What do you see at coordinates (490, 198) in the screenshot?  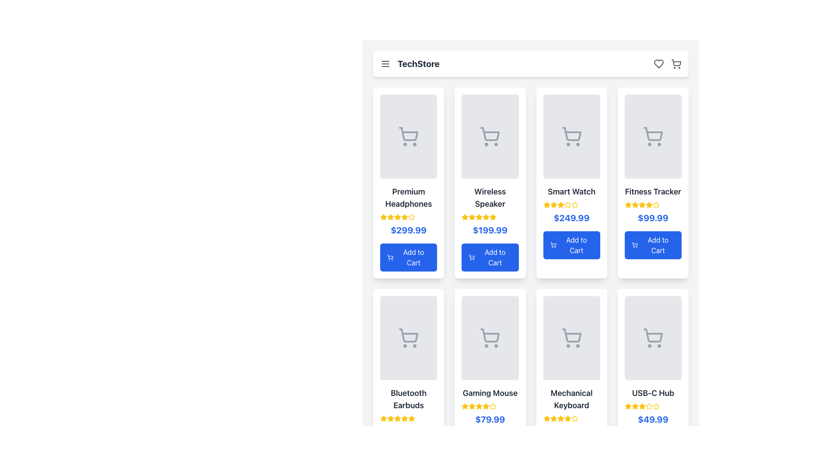 I see `product name displayed in the text element located in the second product card of the top row, positioned below the image placeholder and above the price label` at bounding box center [490, 198].